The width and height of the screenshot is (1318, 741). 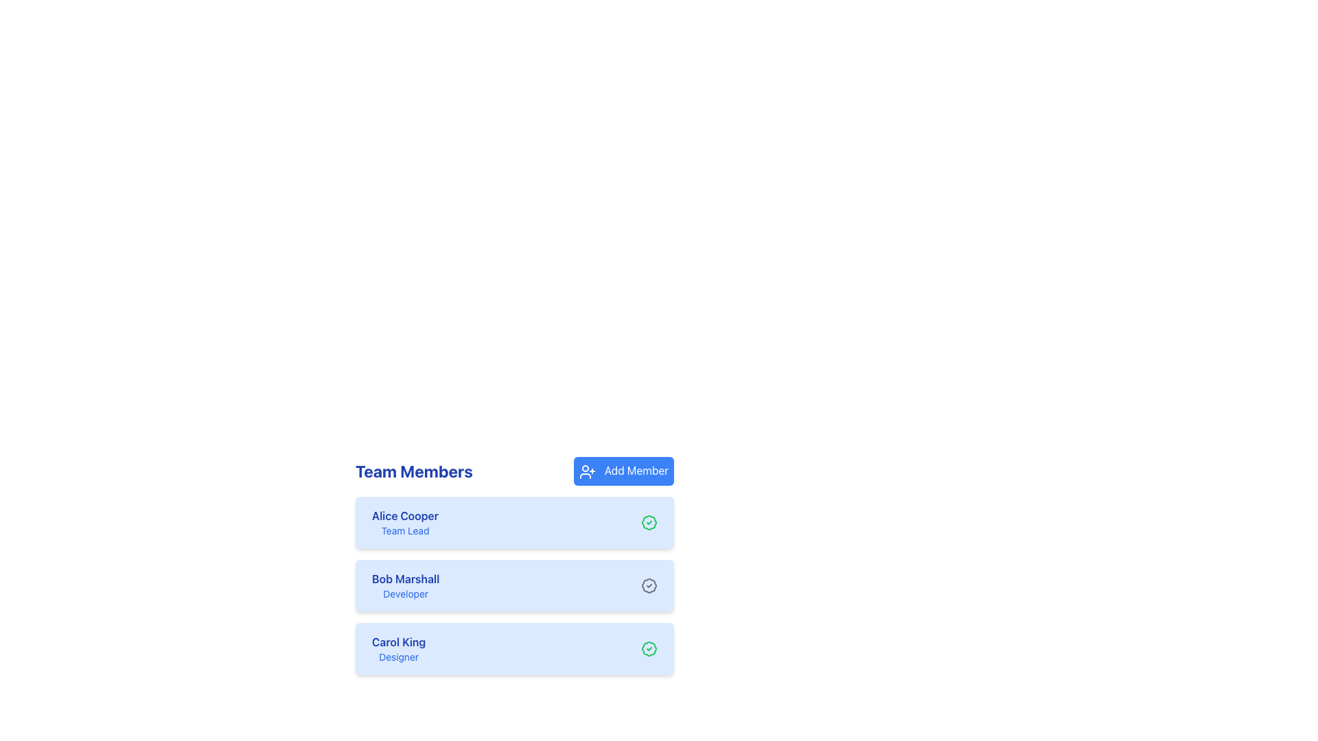 I want to click on the text label displaying 'Carol King' in bold, blue font, located in the 'Team Members' section under the third item, so click(x=398, y=642).